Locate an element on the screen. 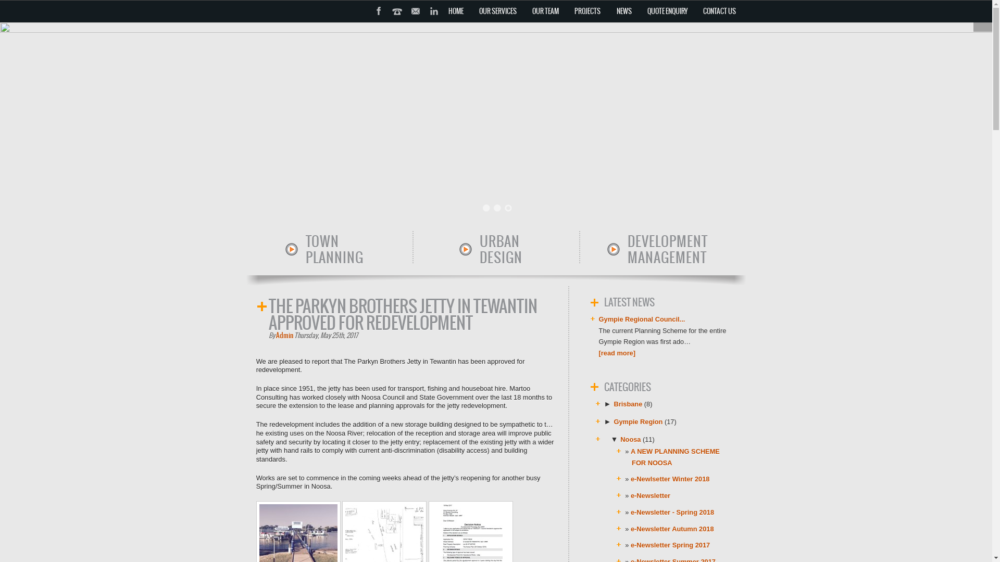  'F' is located at coordinates (370, 23).